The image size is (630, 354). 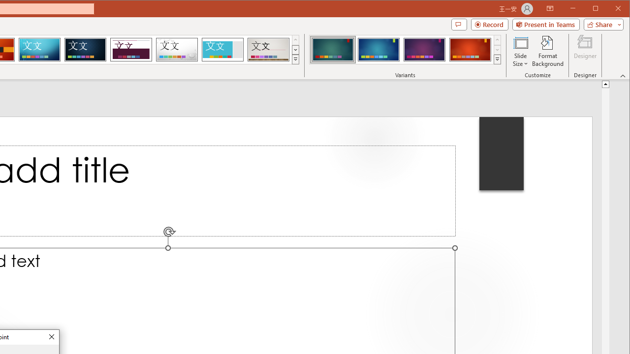 What do you see at coordinates (39, 49) in the screenshot?
I see `'Circuit'` at bounding box center [39, 49].